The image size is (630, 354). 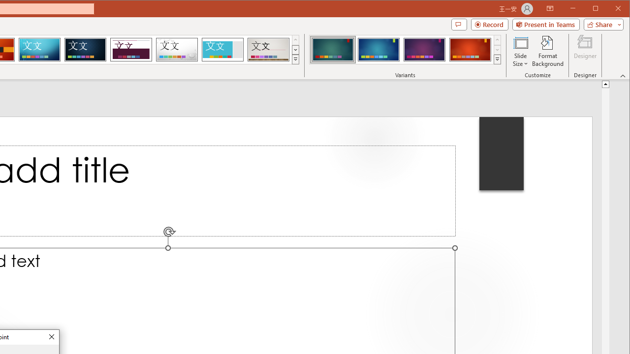 What do you see at coordinates (39, 49) in the screenshot?
I see `'Circuit'` at bounding box center [39, 49].